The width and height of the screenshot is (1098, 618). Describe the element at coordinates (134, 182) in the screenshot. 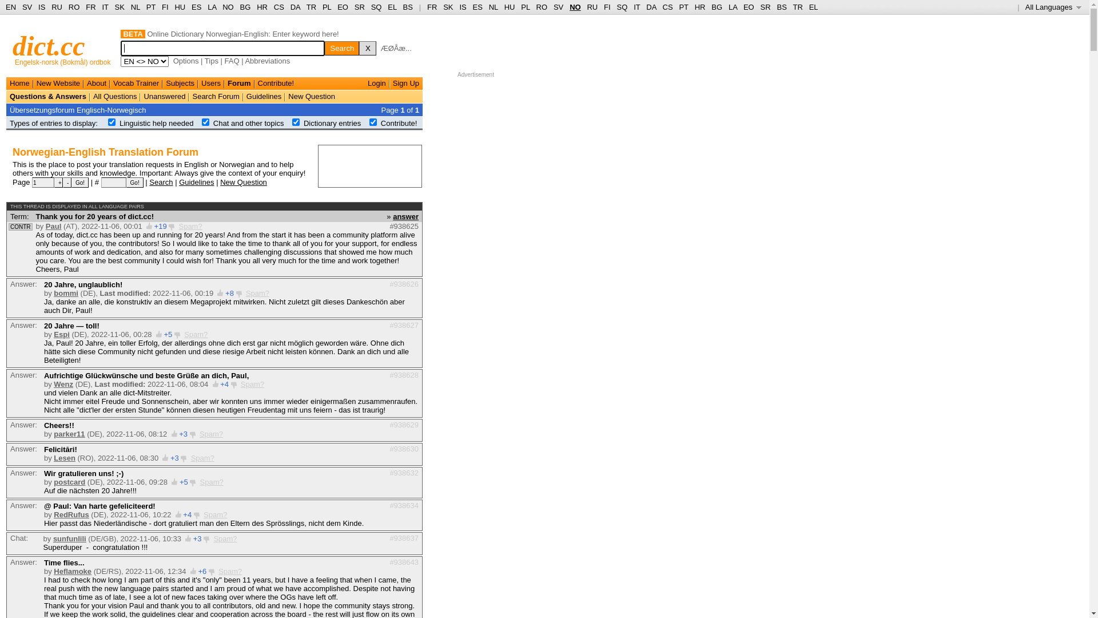

I see `'Go!'` at that location.